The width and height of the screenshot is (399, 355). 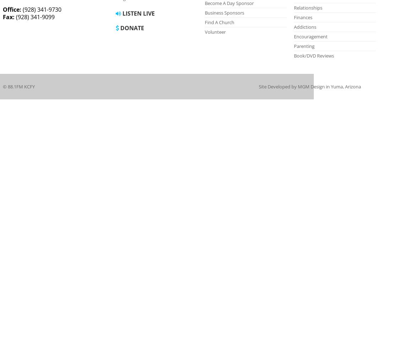 I want to click on 'LISTEN LIVE', so click(x=137, y=13).